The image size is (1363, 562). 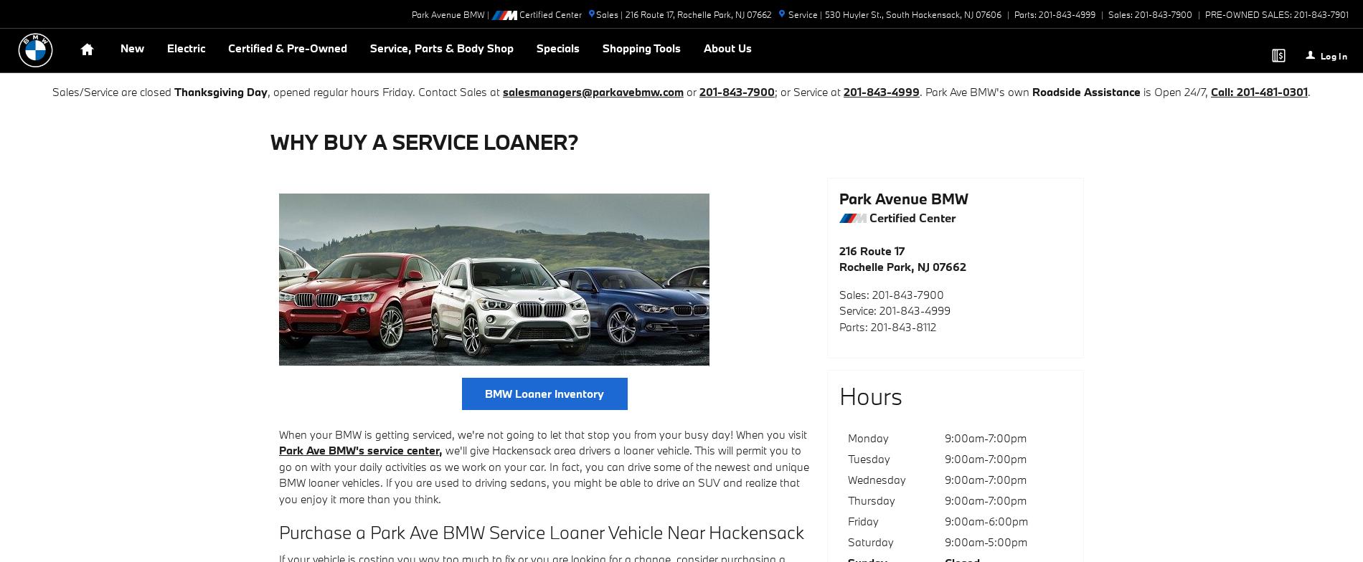 What do you see at coordinates (704, 14) in the screenshot?
I see `'Rochelle Park'` at bounding box center [704, 14].